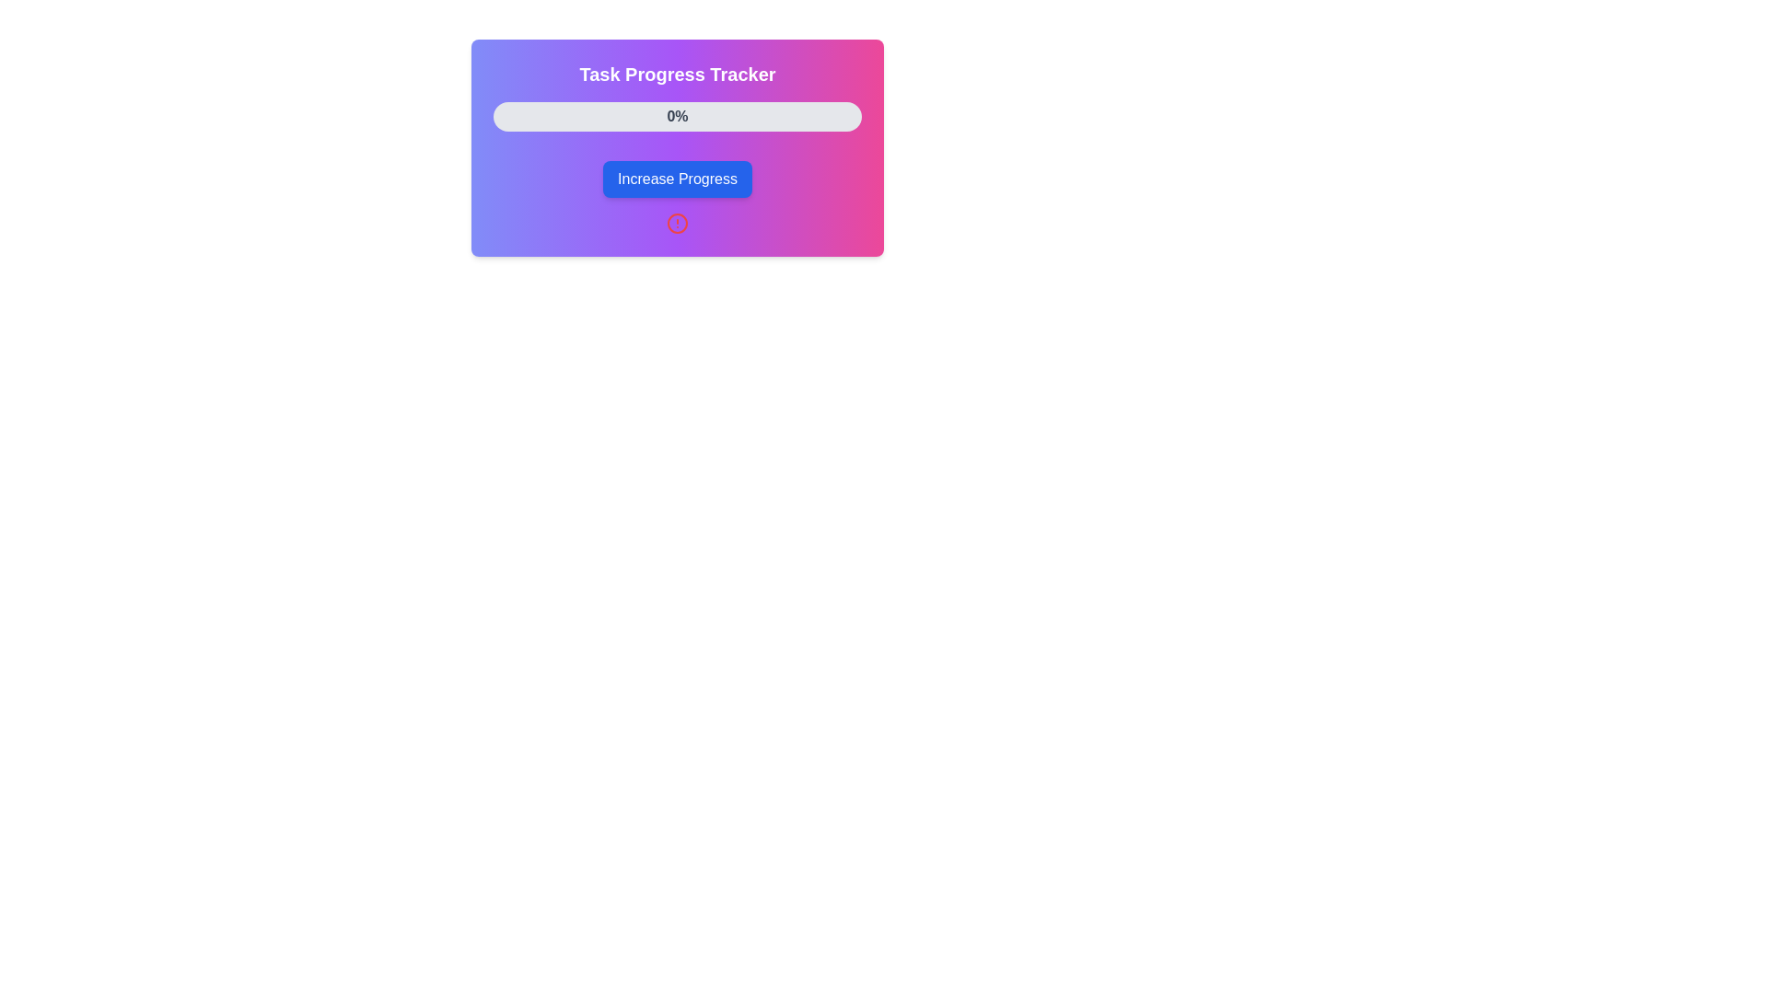 The width and height of the screenshot is (1768, 994). Describe the element at coordinates (676, 147) in the screenshot. I see `the progress bar within the 'Task Progress Tracker' component, which is styled with a gradient background and includes controls for managing progress` at that location.